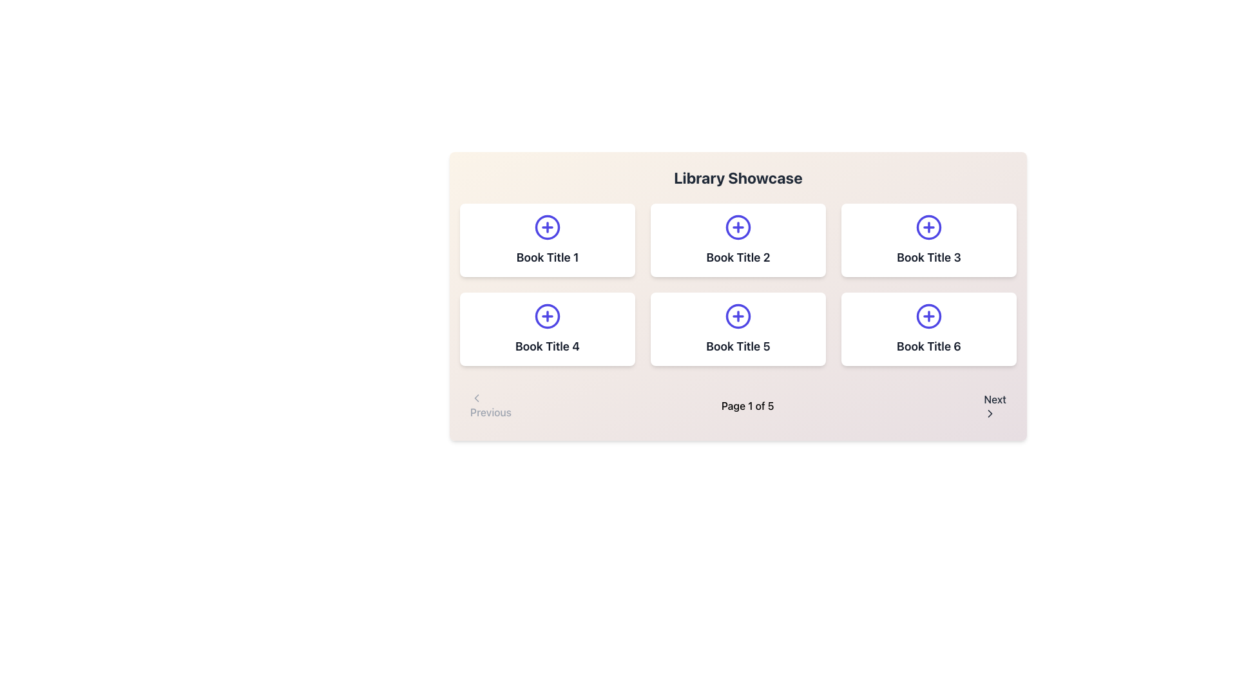  Describe the element at coordinates (547, 345) in the screenshot. I see `the text label reading 'Book Title 4' located in the bottom-left card of a 3x2 grid layout, characterized by a large bold font and dark gray color` at that location.